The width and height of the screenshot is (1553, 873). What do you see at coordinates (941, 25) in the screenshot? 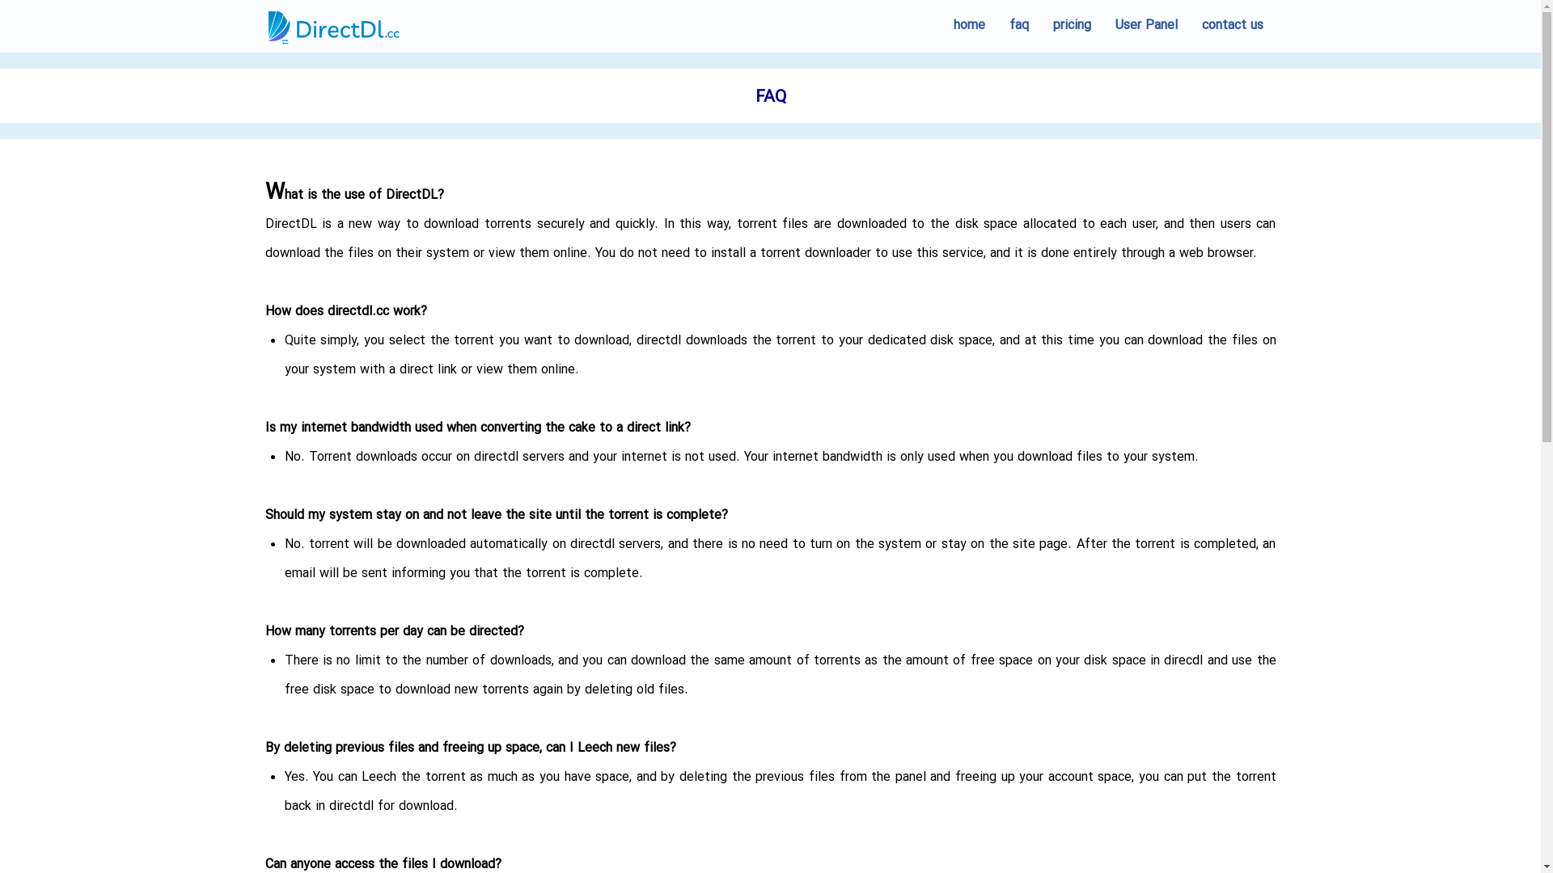
I see `'home'` at bounding box center [941, 25].